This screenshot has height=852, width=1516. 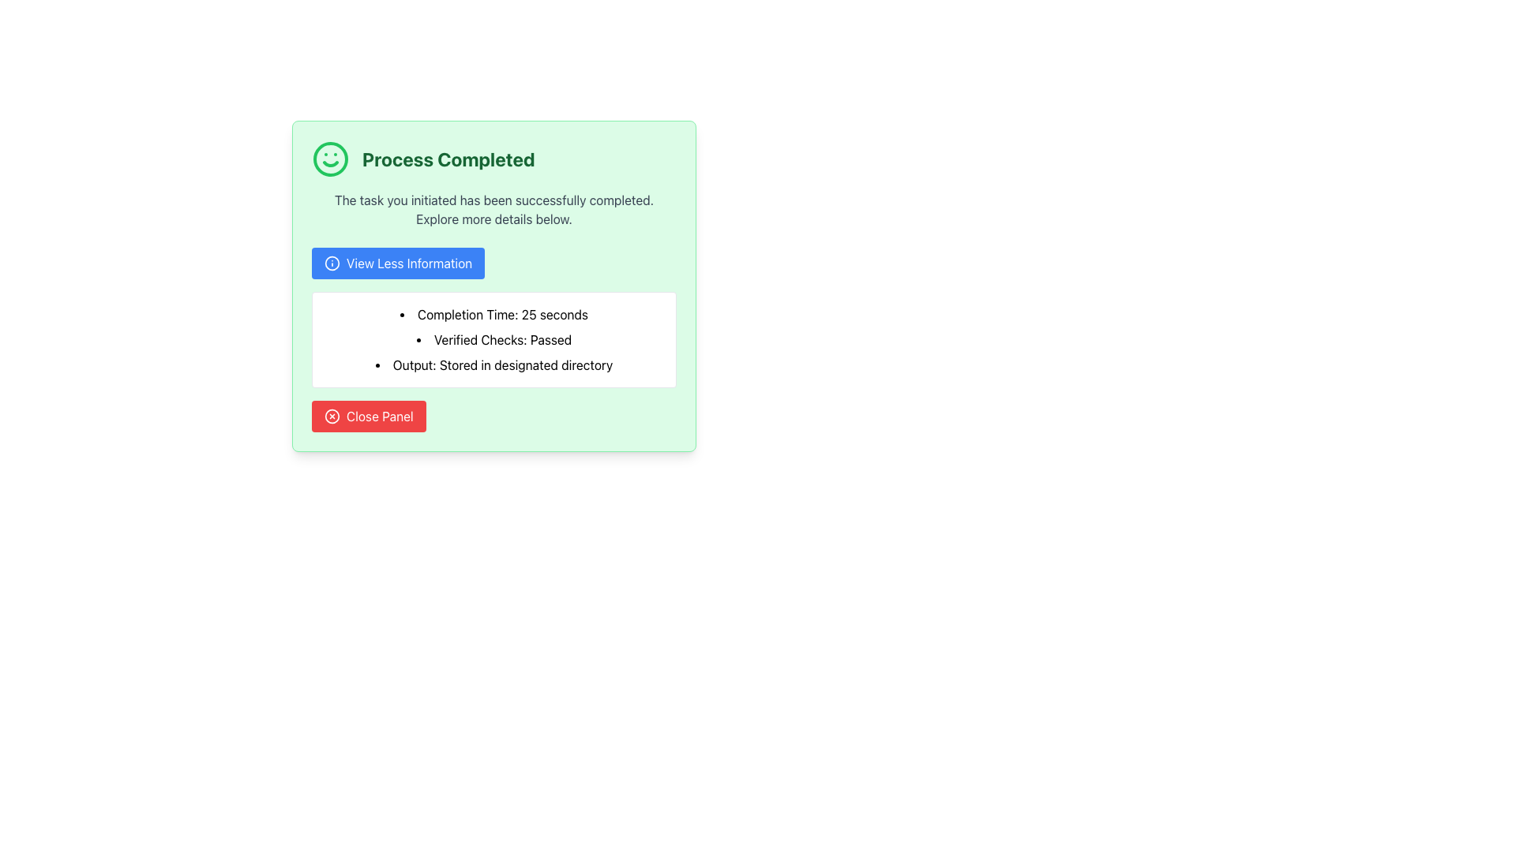 I want to click on the circular graphical element centered within the green smiley icon at the top-left corner of the 'Process Completed' panel, so click(x=329, y=159).